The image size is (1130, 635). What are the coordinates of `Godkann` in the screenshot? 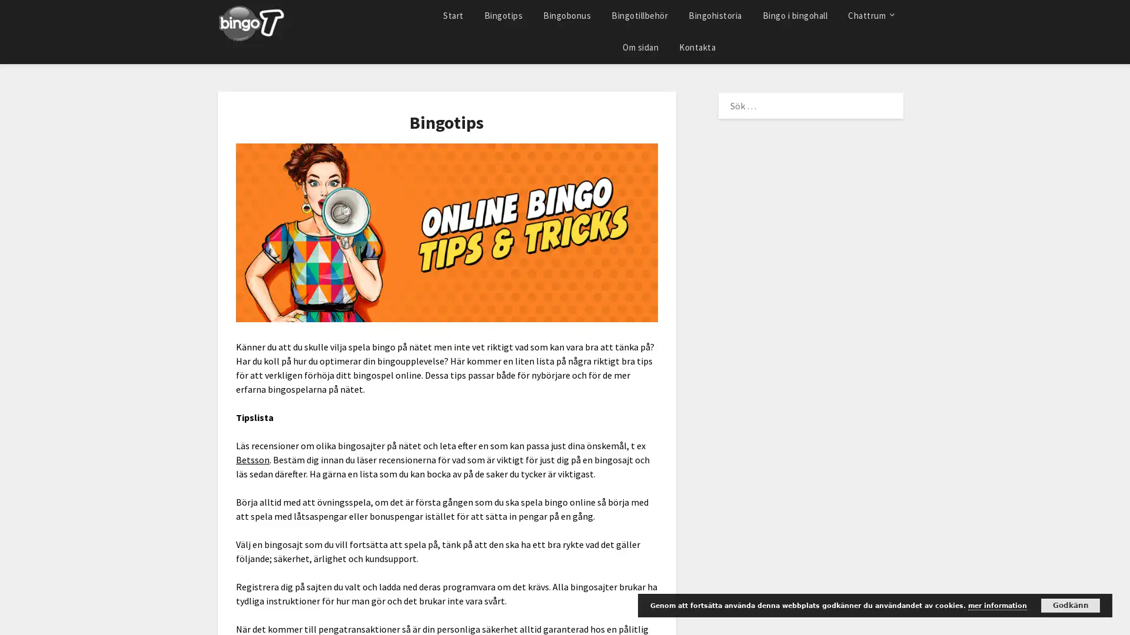 It's located at (1071, 605).